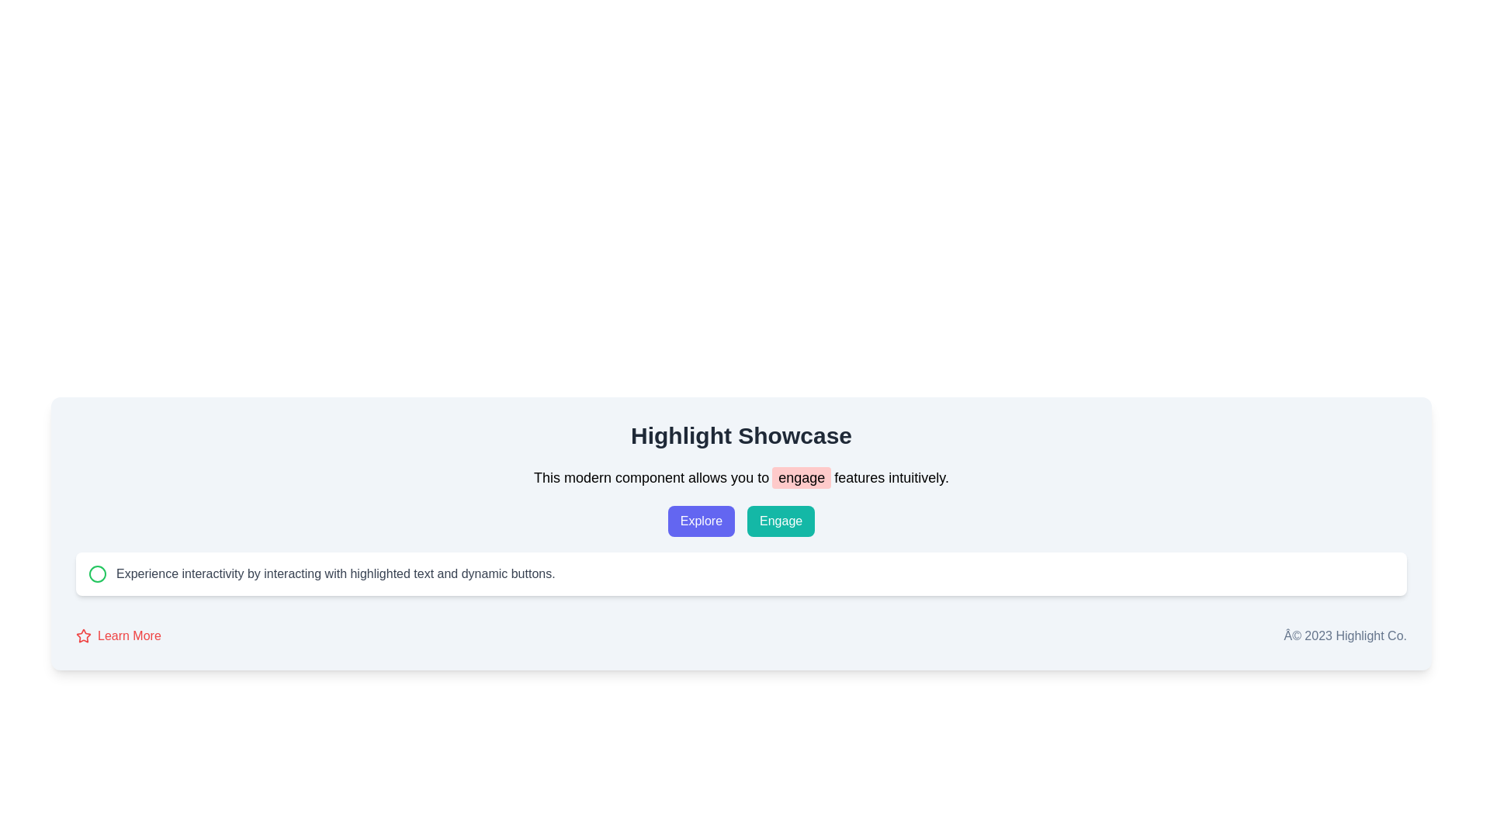 The image size is (1490, 838). Describe the element at coordinates (781, 521) in the screenshot. I see `the 'Engage' button located to the right of the 'Explore' button to observe the hover effect` at that location.